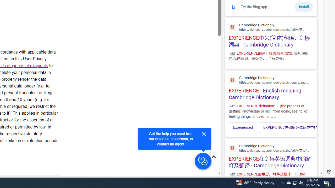  What do you see at coordinates (243, 127) in the screenshot?
I see `'Experienced'` at bounding box center [243, 127].